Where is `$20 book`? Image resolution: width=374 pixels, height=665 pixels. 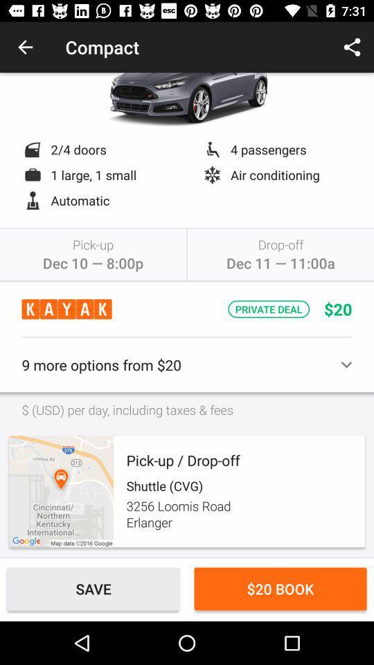 $20 book is located at coordinates (280, 588).